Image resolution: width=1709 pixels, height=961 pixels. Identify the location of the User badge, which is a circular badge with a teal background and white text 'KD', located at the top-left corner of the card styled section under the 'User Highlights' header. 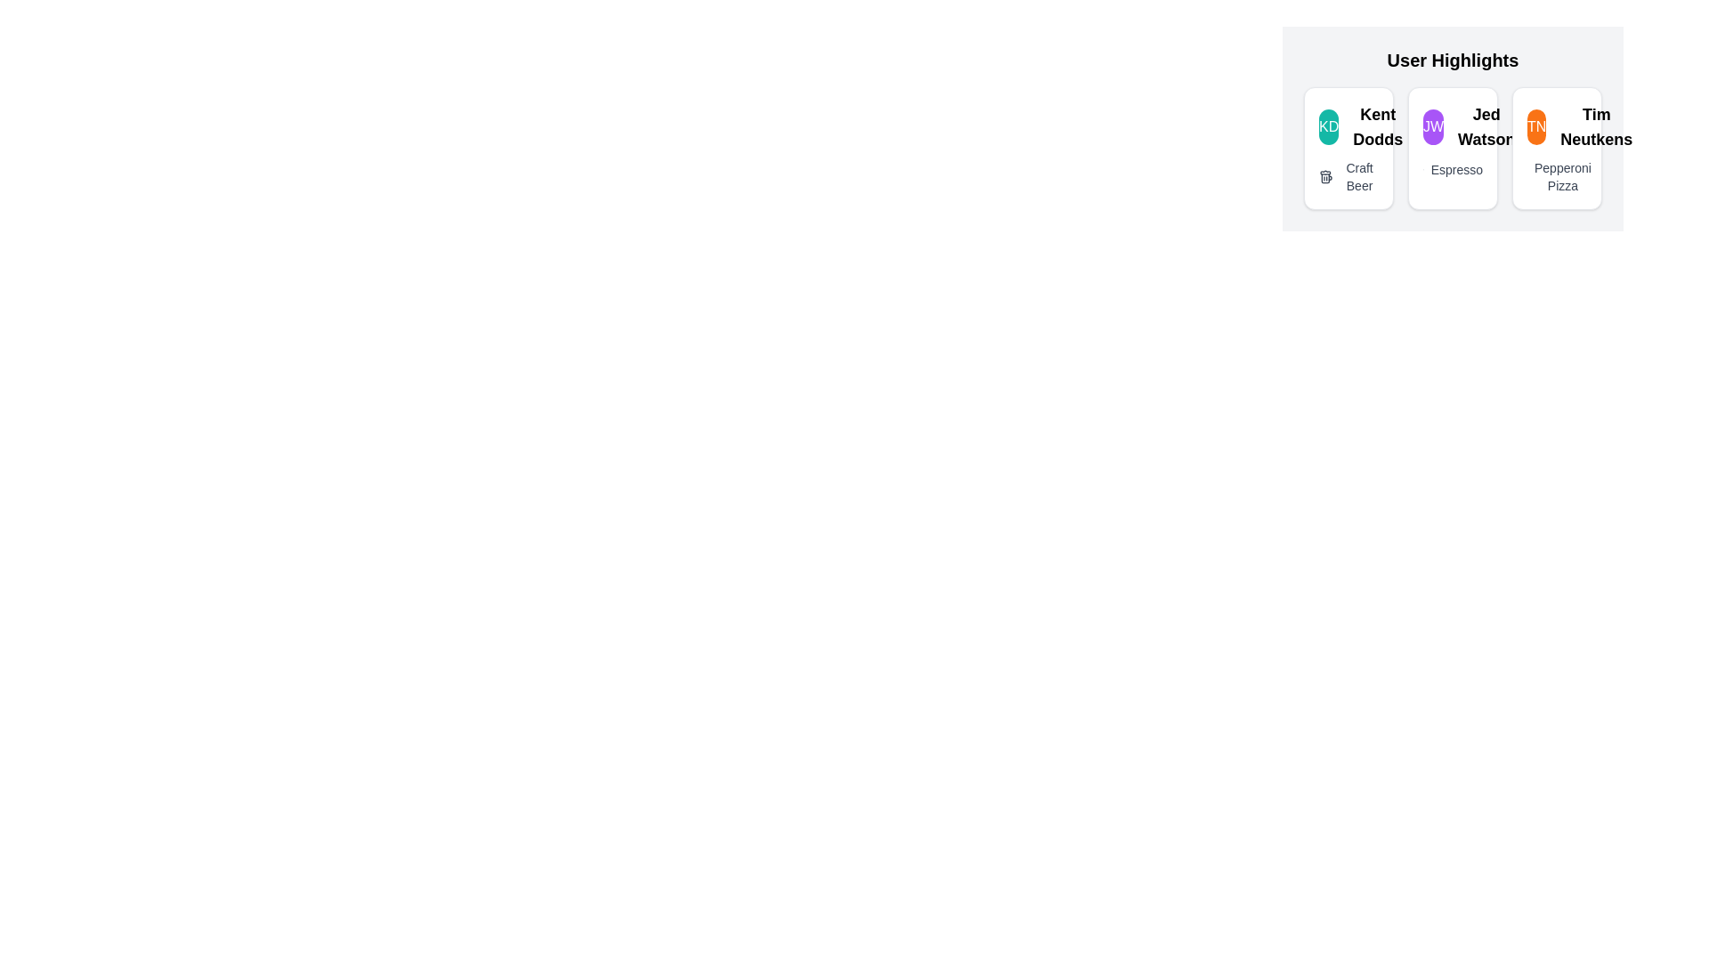
(1329, 125).